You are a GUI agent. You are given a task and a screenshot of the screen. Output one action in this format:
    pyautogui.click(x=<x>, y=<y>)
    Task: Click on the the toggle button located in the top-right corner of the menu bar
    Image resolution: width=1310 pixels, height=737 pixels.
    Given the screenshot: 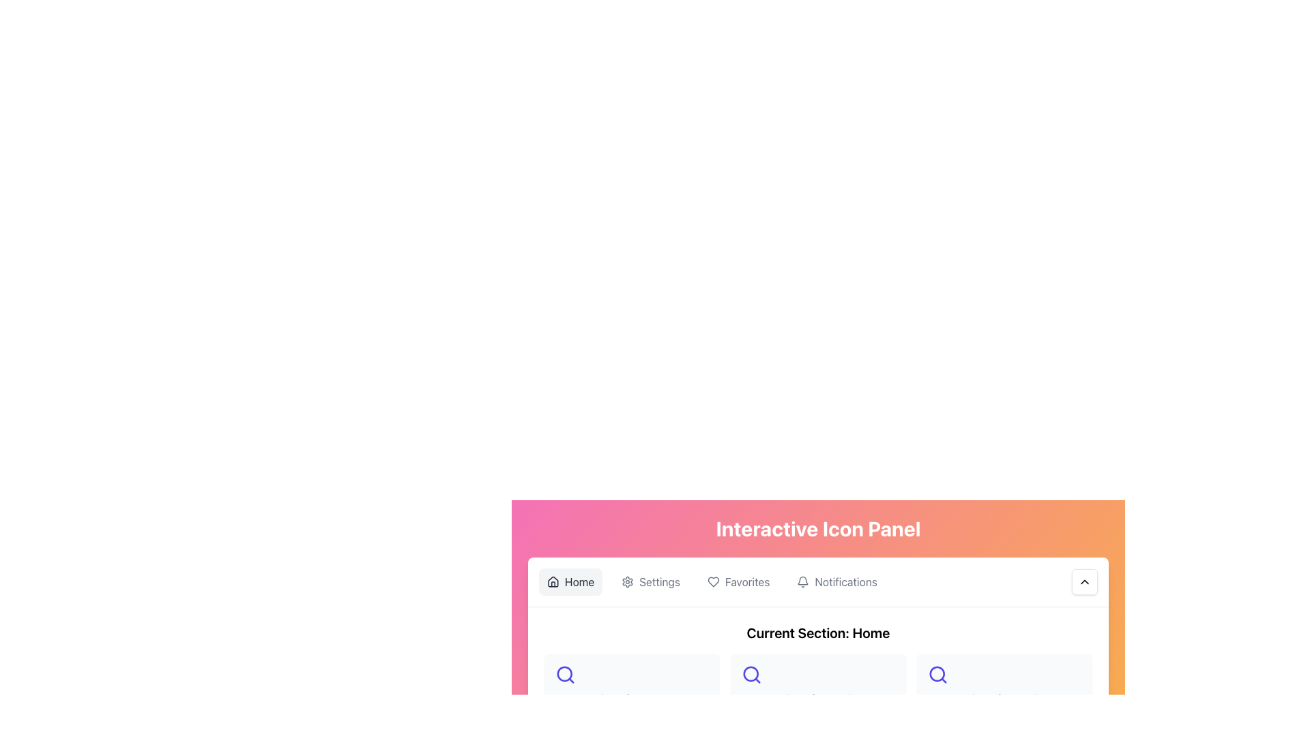 What is the action you would take?
    pyautogui.click(x=1083, y=581)
    